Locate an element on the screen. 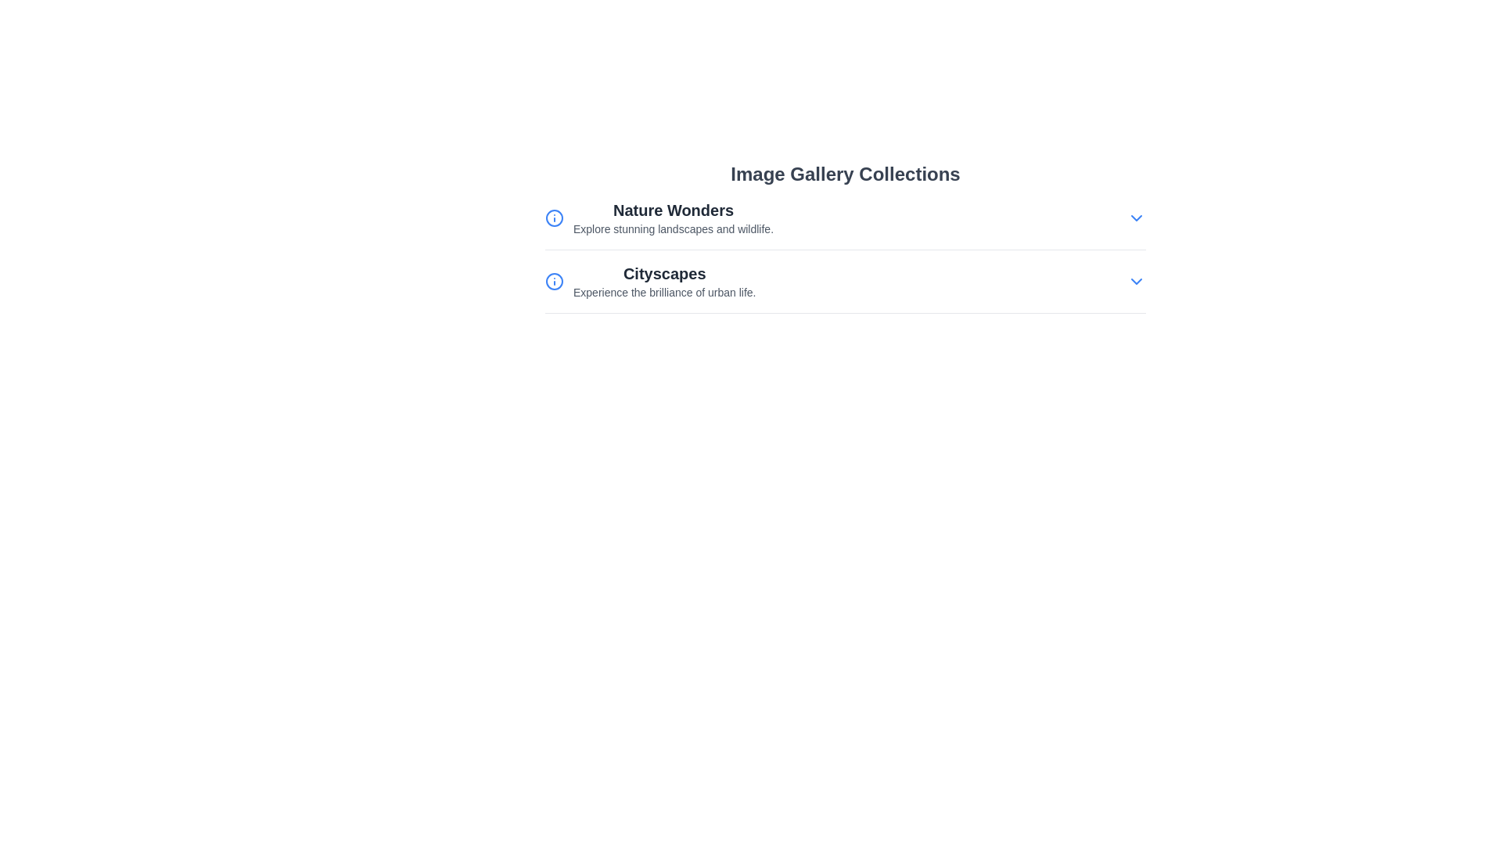  the icons in the first row of the 'Image Gallery Collections' list item, which represents 'Nature Wonders' is located at coordinates (844, 218).